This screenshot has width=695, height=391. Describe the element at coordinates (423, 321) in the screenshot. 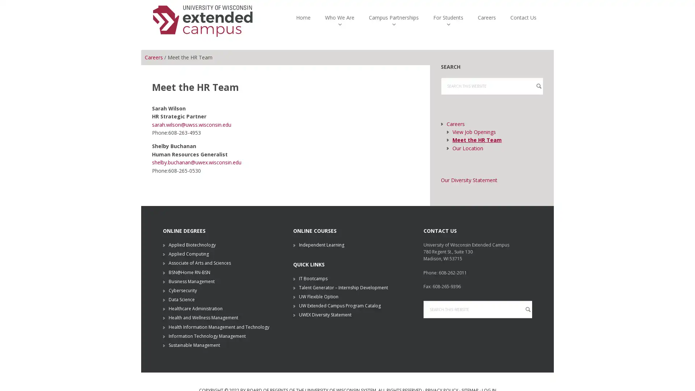

I see `Search` at that location.